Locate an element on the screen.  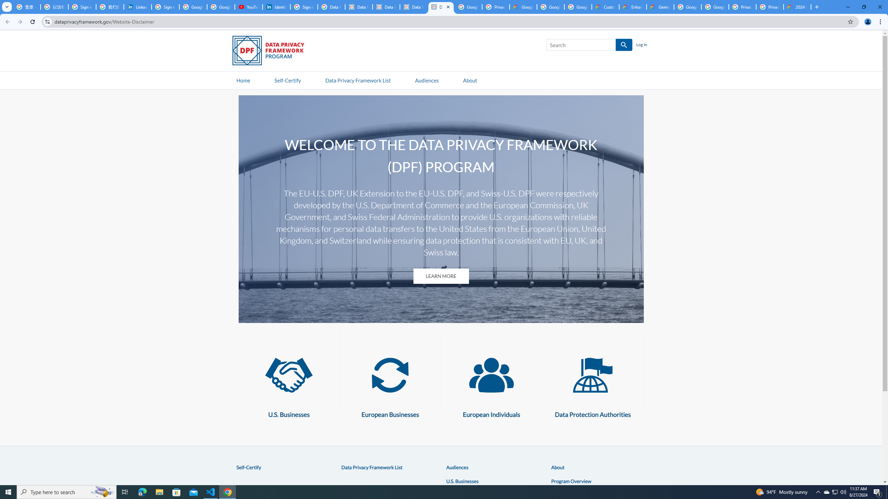
'European Individuals European Individuals' is located at coordinates (491, 384).